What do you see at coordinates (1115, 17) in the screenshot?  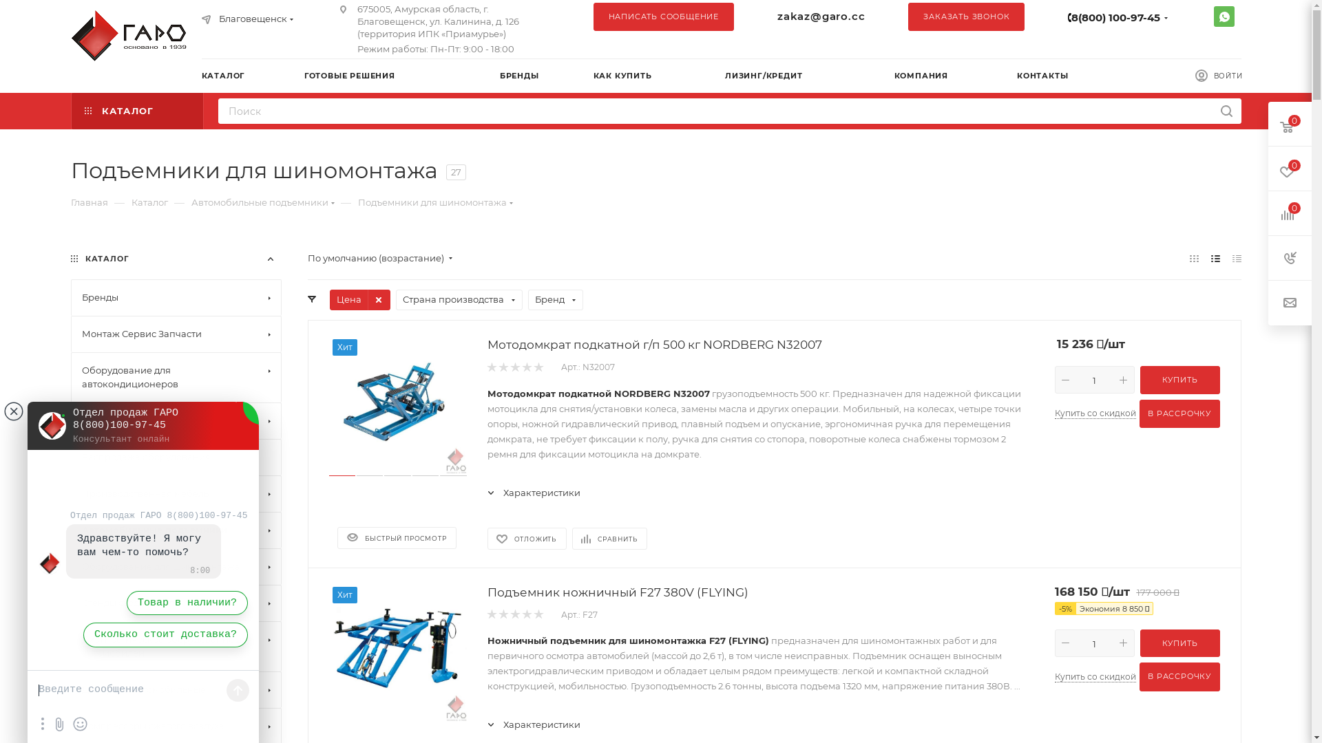 I see `'8(800) 100-97-45'` at bounding box center [1115, 17].